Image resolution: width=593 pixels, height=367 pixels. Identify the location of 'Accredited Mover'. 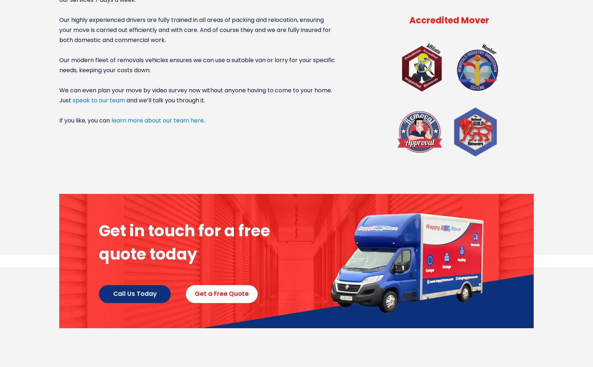
(449, 20).